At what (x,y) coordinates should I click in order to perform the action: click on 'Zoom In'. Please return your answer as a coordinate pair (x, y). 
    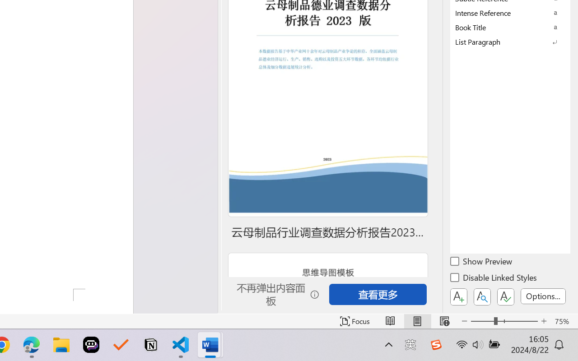
    Looking at the image, I should click on (544, 321).